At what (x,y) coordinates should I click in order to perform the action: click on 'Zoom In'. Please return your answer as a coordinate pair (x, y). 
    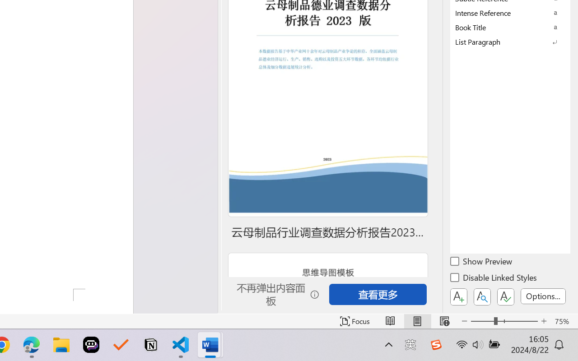
    Looking at the image, I should click on (544, 321).